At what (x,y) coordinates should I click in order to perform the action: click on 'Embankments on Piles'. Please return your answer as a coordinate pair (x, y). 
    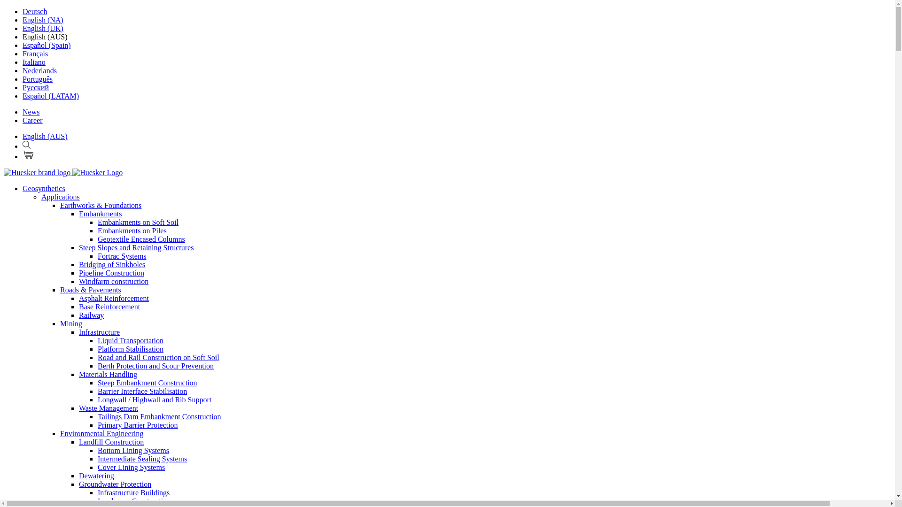
    Looking at the image, I should click on (132, 230).